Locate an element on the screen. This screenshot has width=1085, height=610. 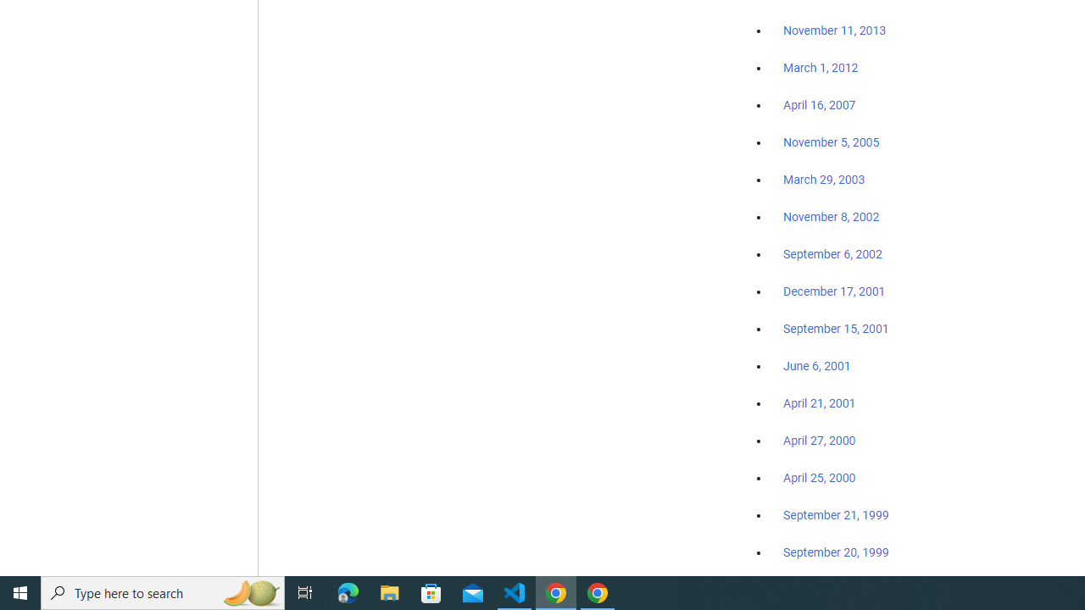
'September 21, 1999' is located at coordinates (836, 514).